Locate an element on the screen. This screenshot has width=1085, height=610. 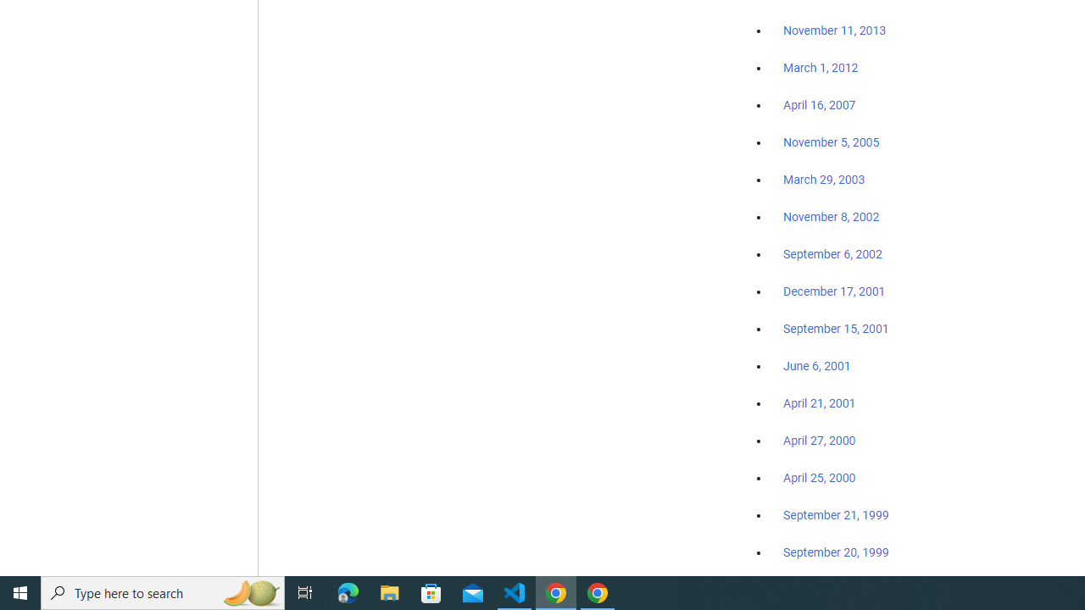
'September 21, 1999' is located at coordinates (836, 514).